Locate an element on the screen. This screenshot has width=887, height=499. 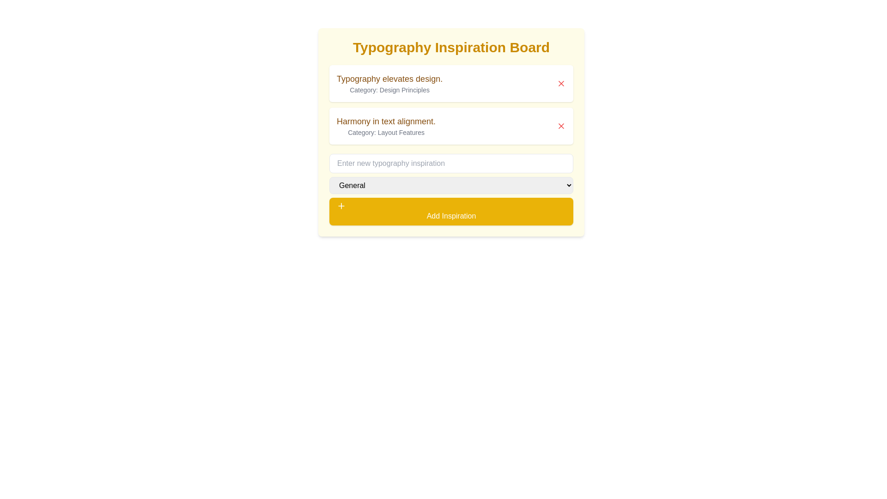
the close button associated with the item titled 'Harmony in text alignment. Category: Layout Features' to trigger its hover effect is located at coordinates (560, 126).